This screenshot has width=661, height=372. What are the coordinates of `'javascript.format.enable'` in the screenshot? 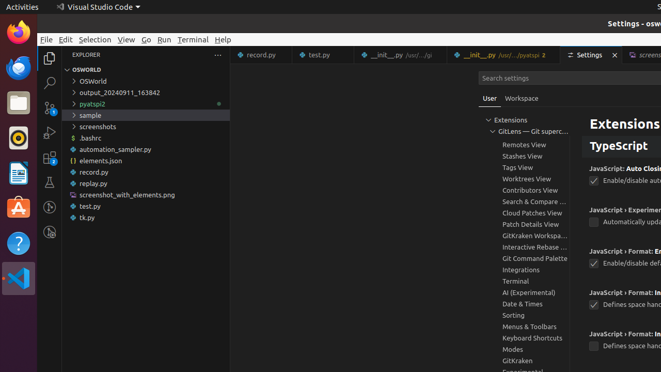 It's located at (593, 263).